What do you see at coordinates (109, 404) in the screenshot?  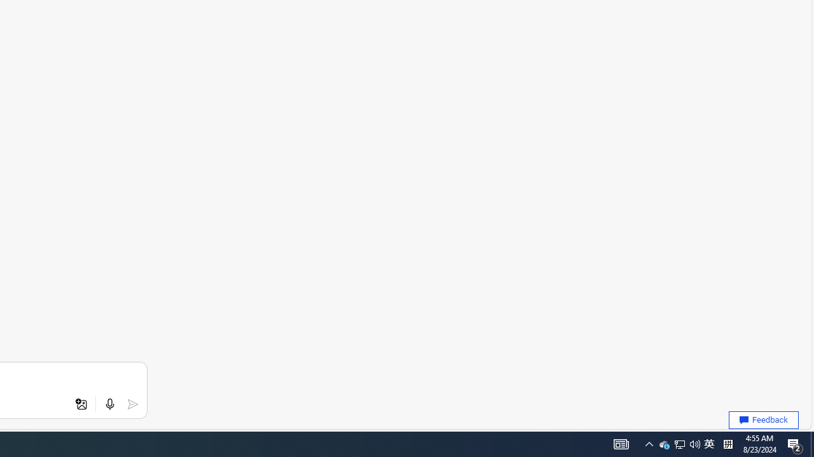 I see `'Use microphone'` at bounding box center [109, 404].